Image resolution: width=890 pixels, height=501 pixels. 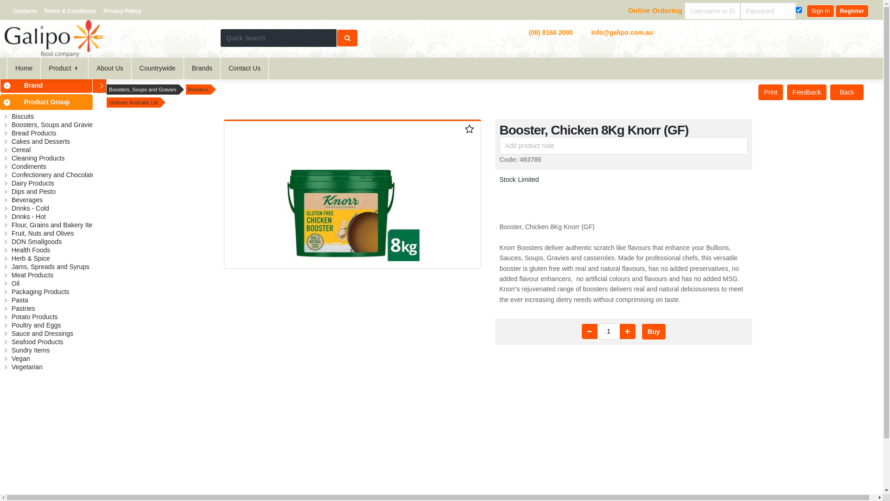 I want to click on 'Contact Us', so click(x=220, y=67).